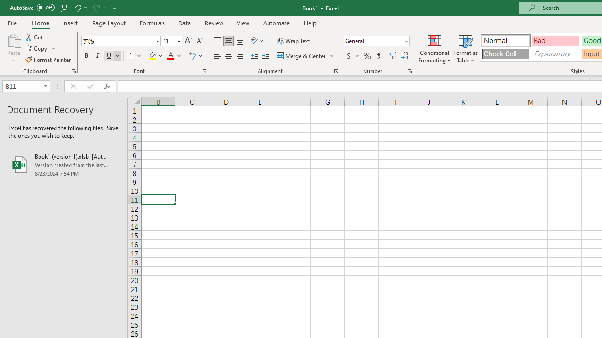  What do you see at coordinates (254, 56) in the screenshot?
I see `'Decrease Indent'` at bounding box center [254, 56].